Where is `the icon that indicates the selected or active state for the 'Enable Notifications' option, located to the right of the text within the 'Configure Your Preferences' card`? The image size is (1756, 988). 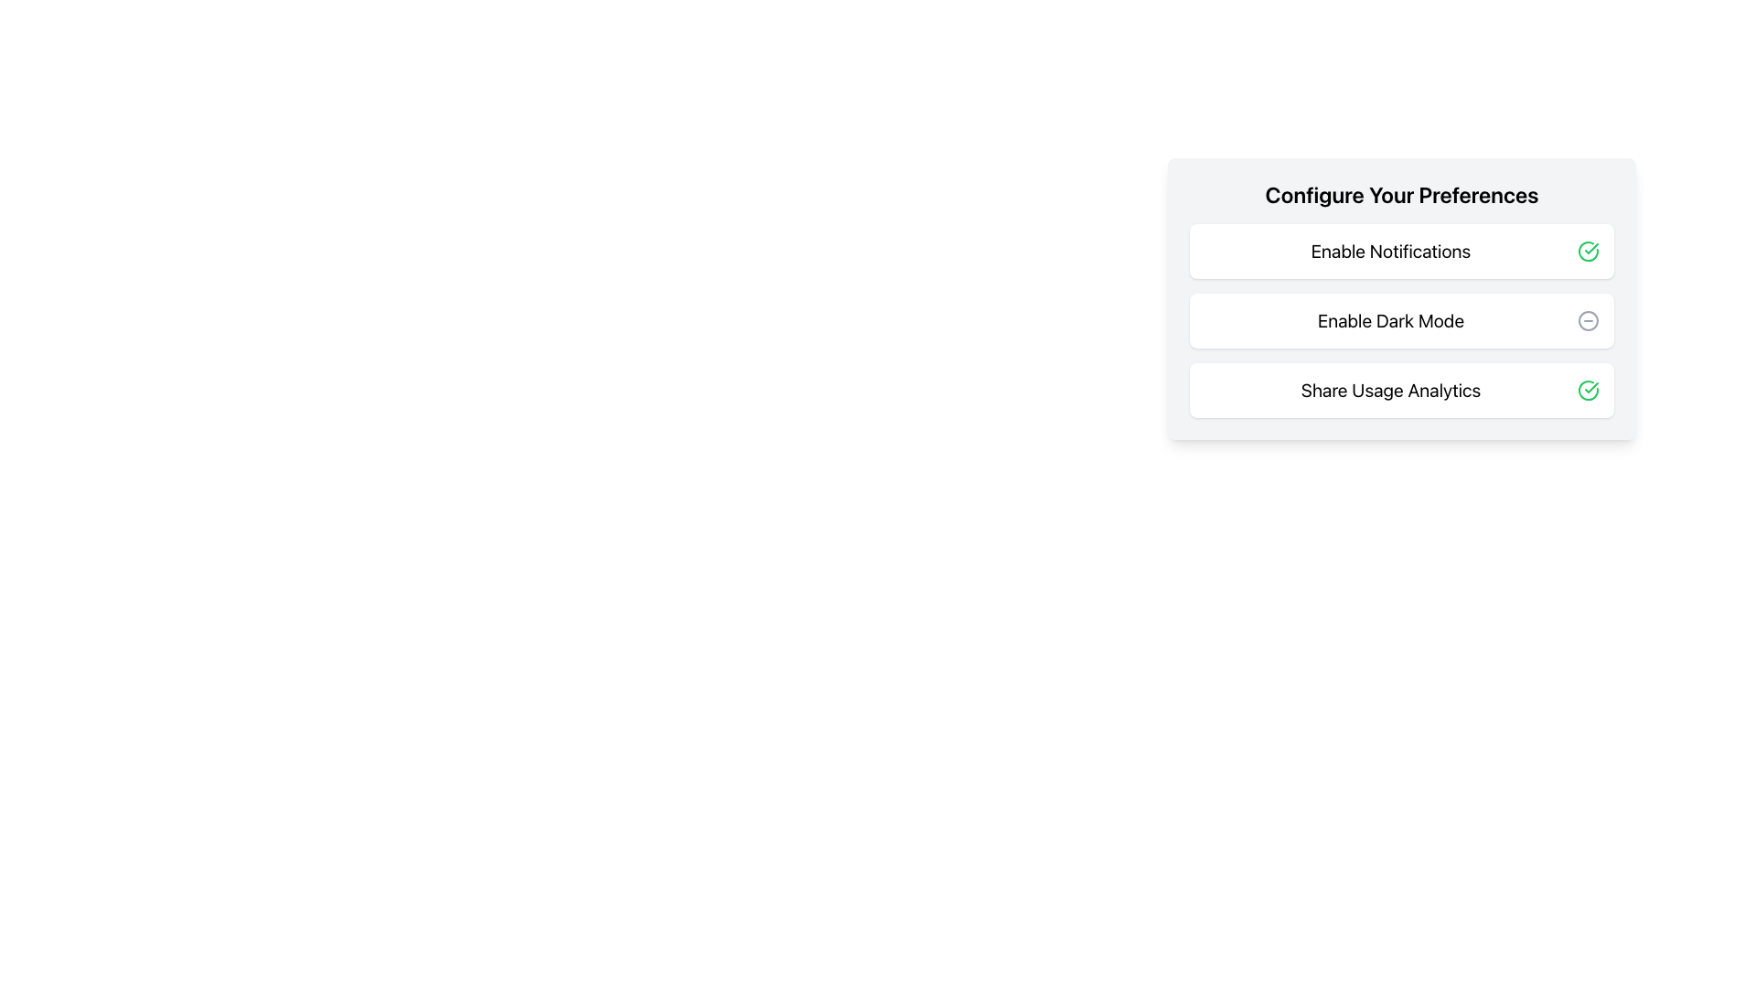 the icon that indicates the selected or active state for the 'Enable Notifications' option, located to the right of the text within the 'Configure Your Preferences' card is located at coordinates (1588, 251).